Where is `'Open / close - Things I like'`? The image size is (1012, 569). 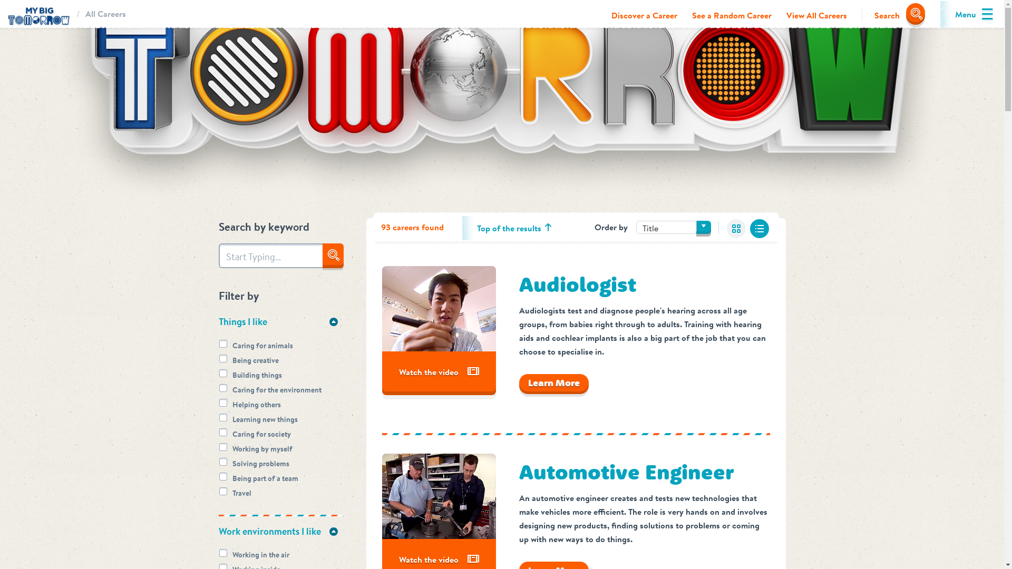
'Open / close - Things I like' is located at coordinates (333, 321).